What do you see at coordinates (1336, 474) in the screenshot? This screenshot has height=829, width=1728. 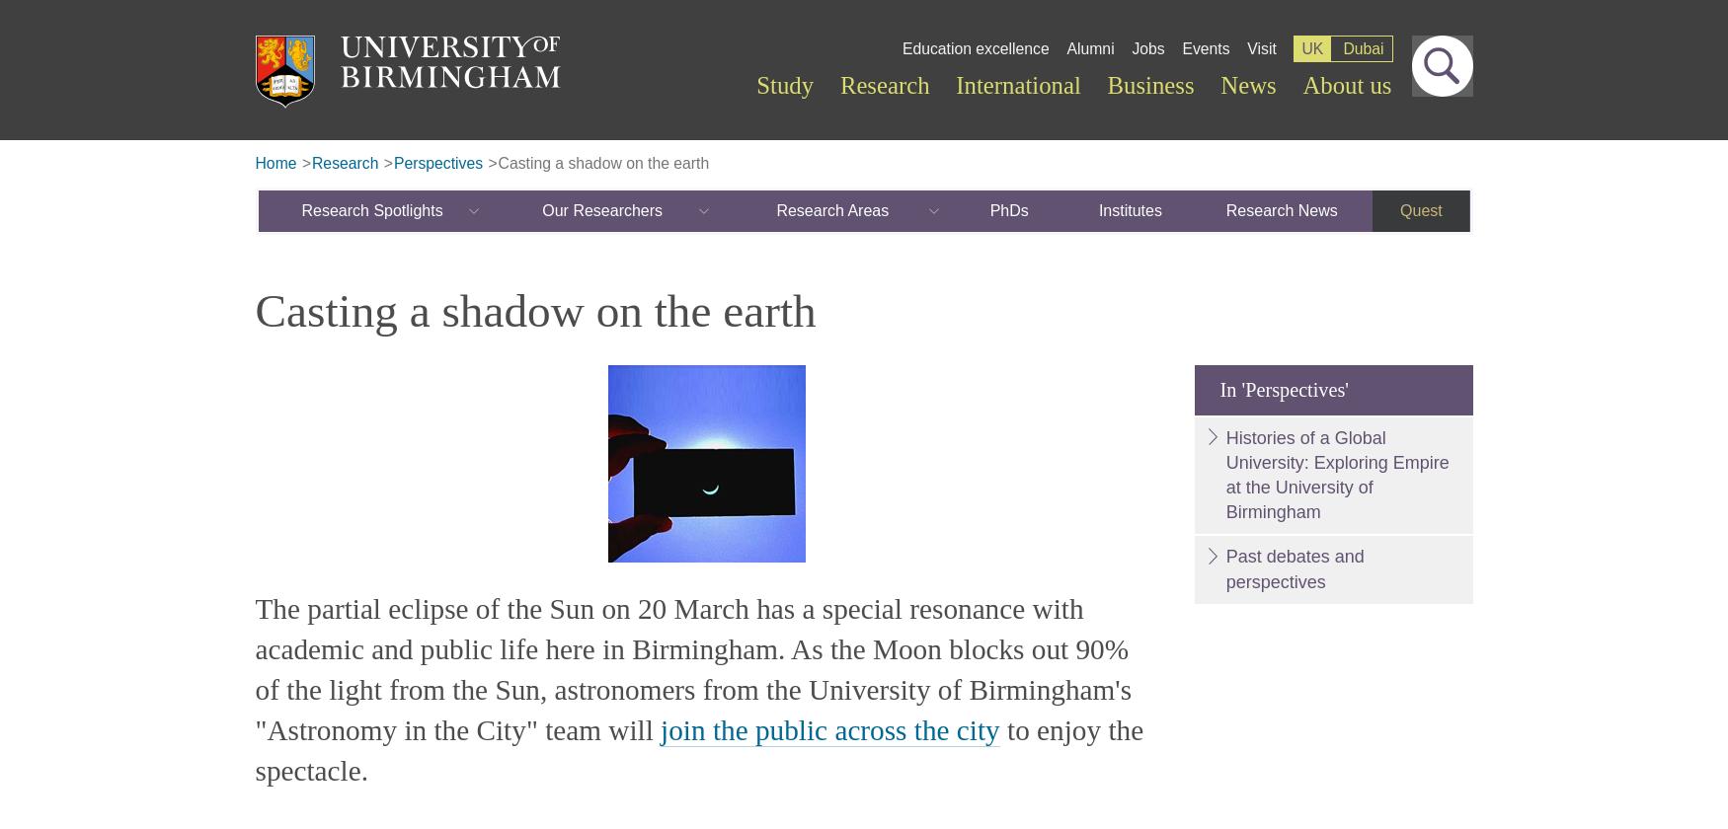 I see `'Histories of a Global University: Exploring Empire at the University of Birmingham'` at bounding box center [1336, 474].